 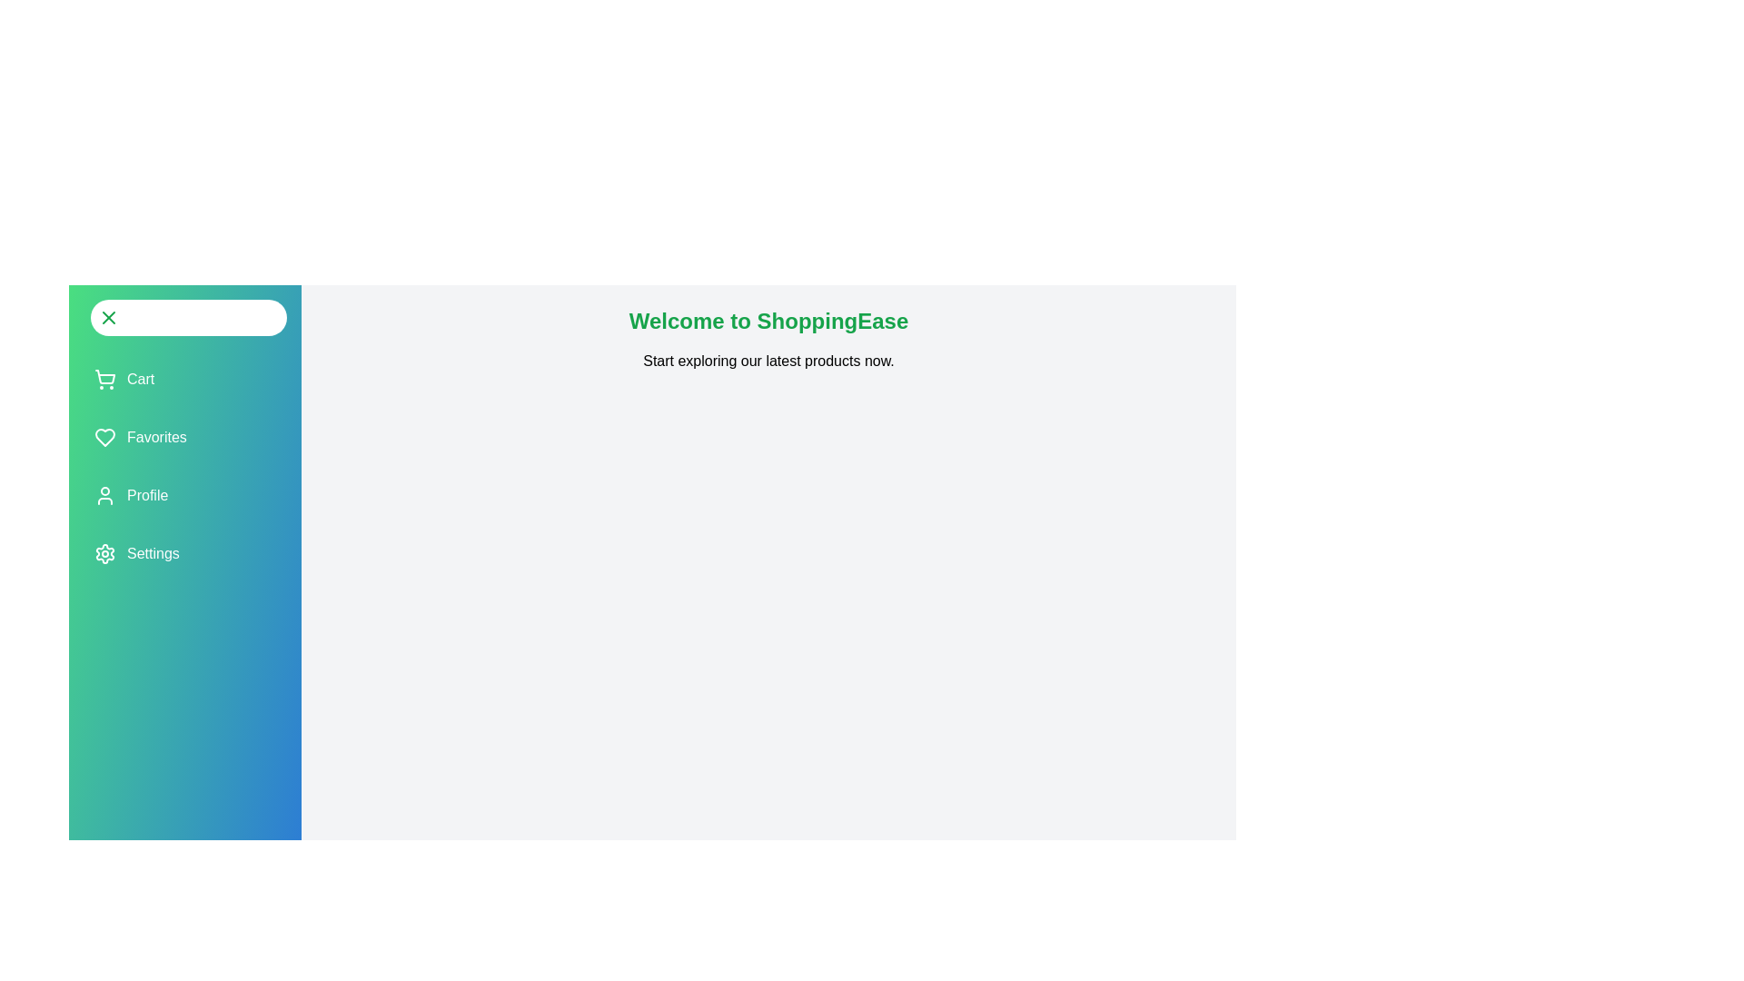 I want to click on the 'Cart' button to navigate to the 'Cart' section, so click(x=124, y=378).